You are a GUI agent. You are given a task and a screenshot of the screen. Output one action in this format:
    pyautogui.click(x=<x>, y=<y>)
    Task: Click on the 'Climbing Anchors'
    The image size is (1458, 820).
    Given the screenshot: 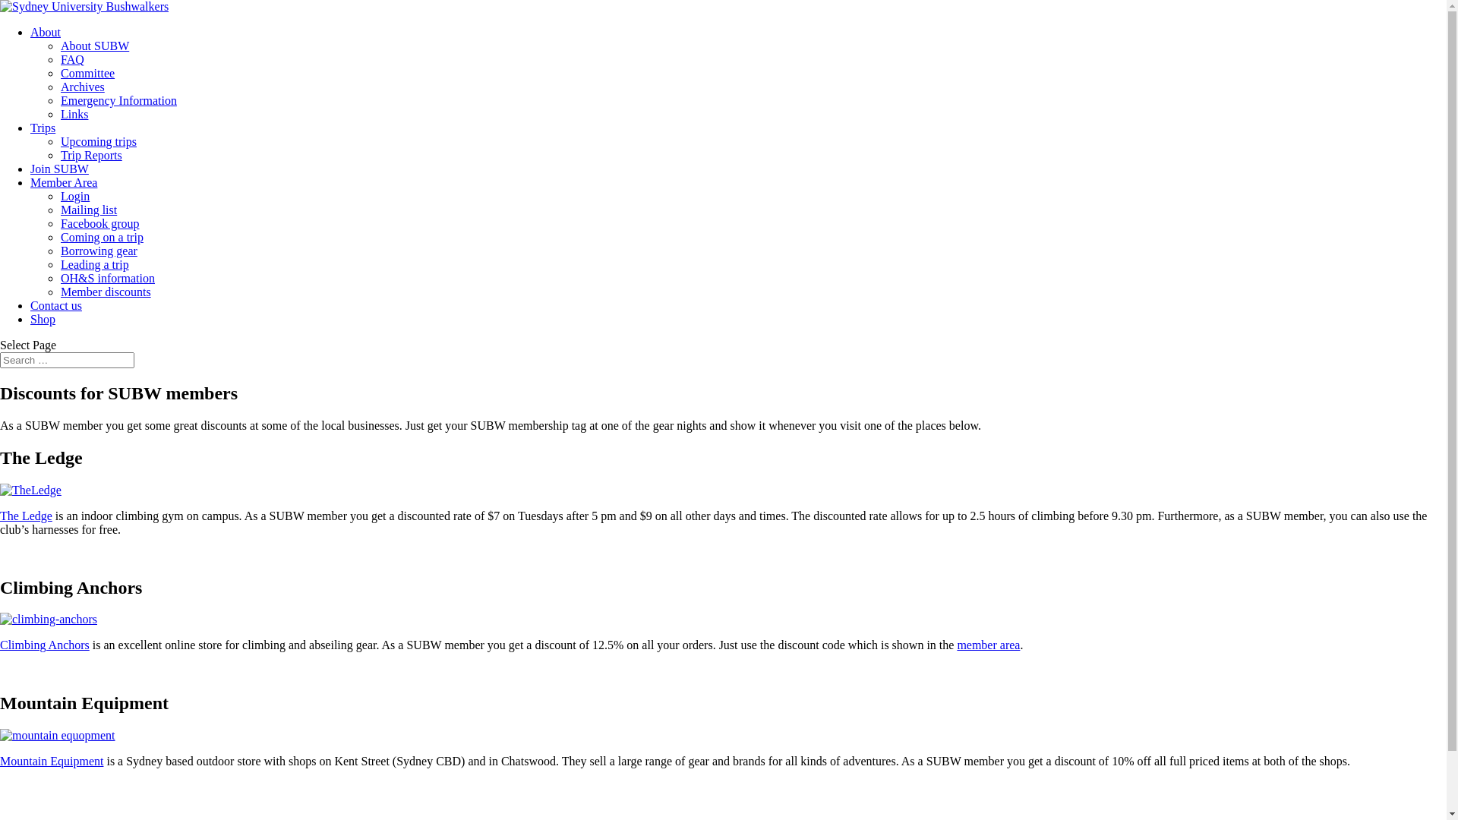 What is the action you would take?
    pyautogui.click(x=44, y=645)
    